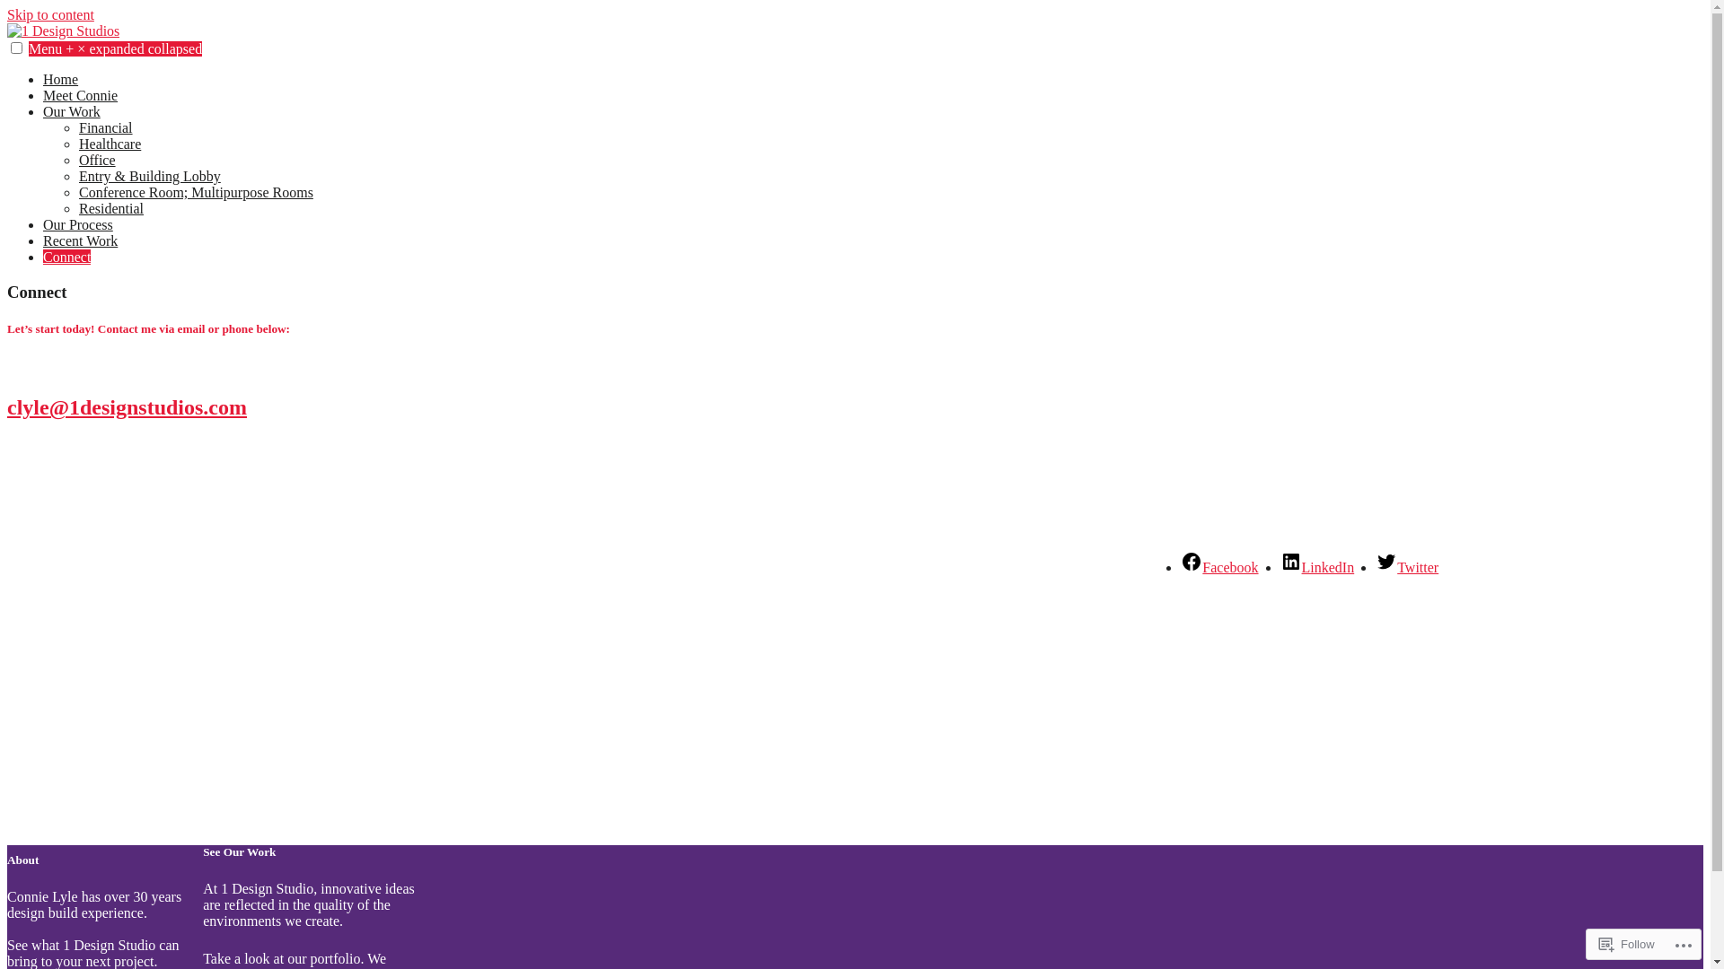 The width and height of the screenshot is (1724, 969). I want to click on 'LinkedIn', so click(1317, 567).